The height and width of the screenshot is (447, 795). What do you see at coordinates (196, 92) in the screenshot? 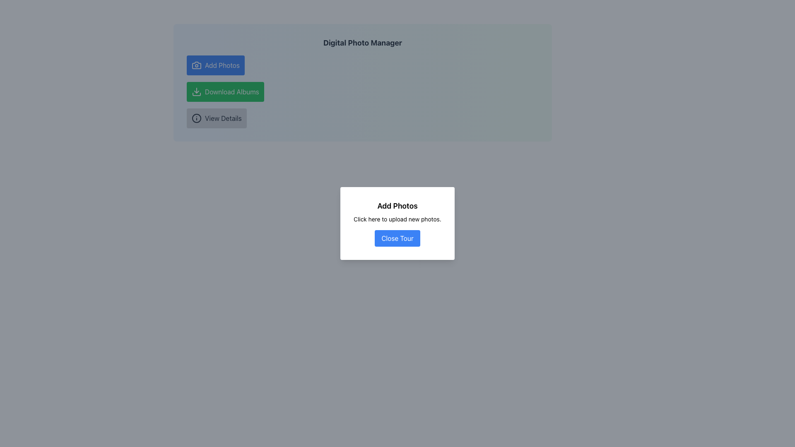
I see `the download icon located to the left of the 'Download Albums' button, which is positioned centrally between the 'Add Photos' and 'View Details' buttons` at bounding box center [196, 92].